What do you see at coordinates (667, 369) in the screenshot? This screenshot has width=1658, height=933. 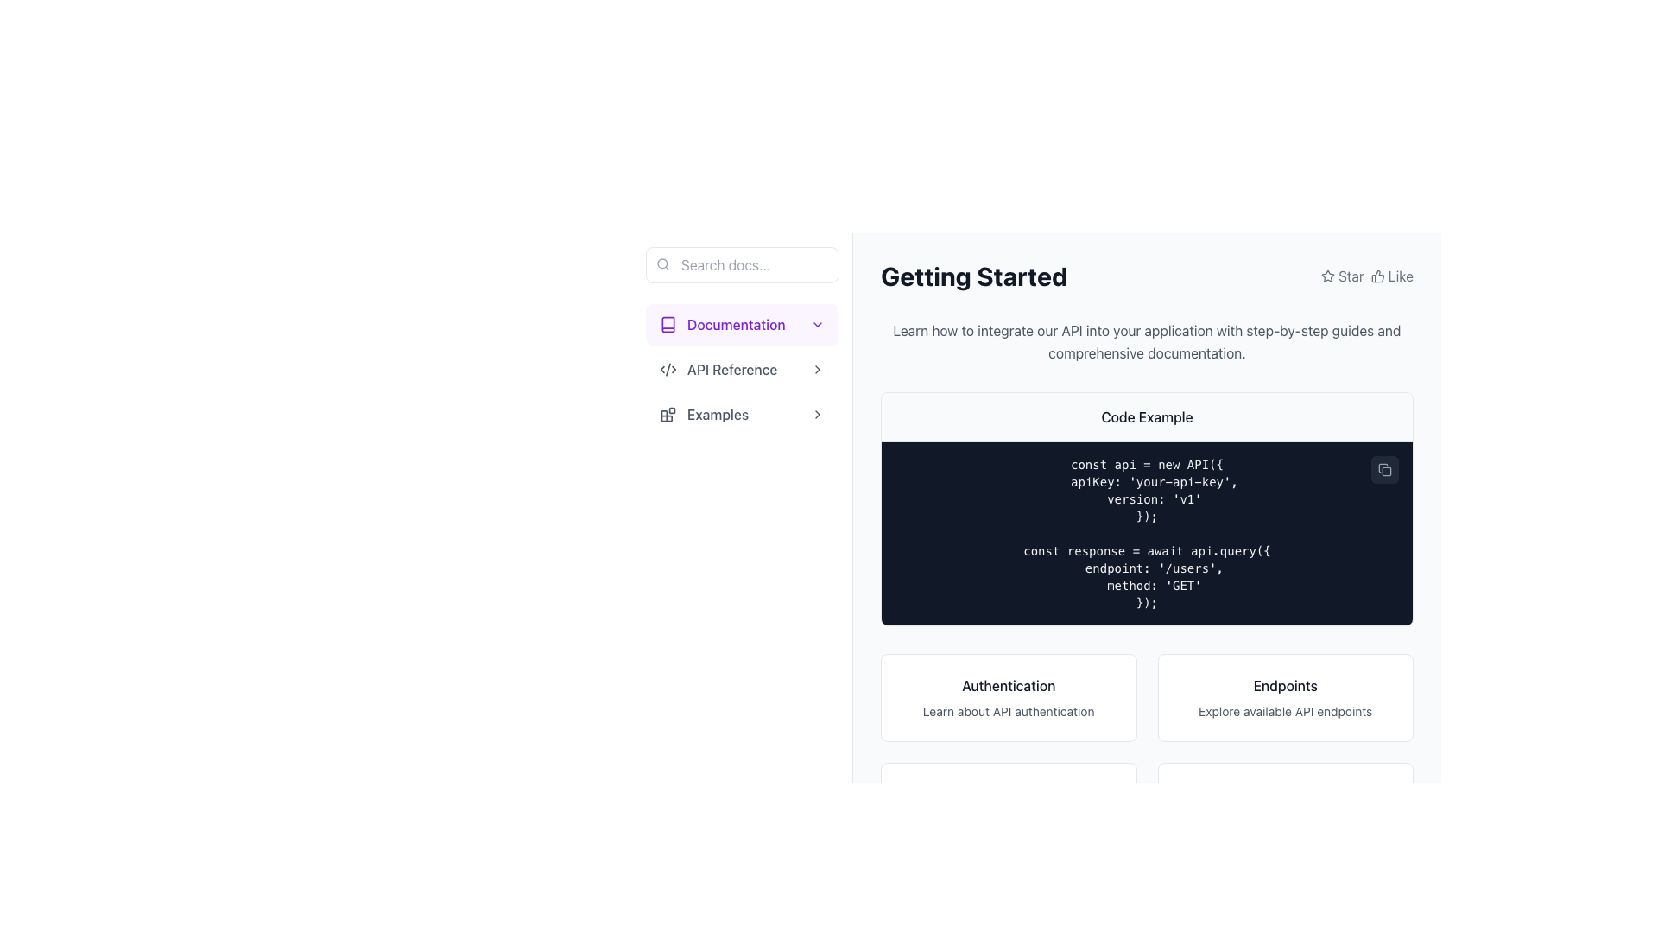 I see `the central segment of the SVG icon located in the sidebar area for further inspection and interaction` at bounding box center [667, 369].